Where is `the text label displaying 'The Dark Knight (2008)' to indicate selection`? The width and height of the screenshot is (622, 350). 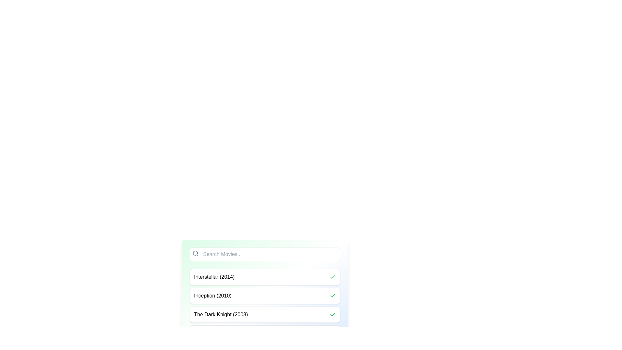 the text label displaying 'The Dark Knight (2008)' to indicate selection is located at coordinates (221, 314).